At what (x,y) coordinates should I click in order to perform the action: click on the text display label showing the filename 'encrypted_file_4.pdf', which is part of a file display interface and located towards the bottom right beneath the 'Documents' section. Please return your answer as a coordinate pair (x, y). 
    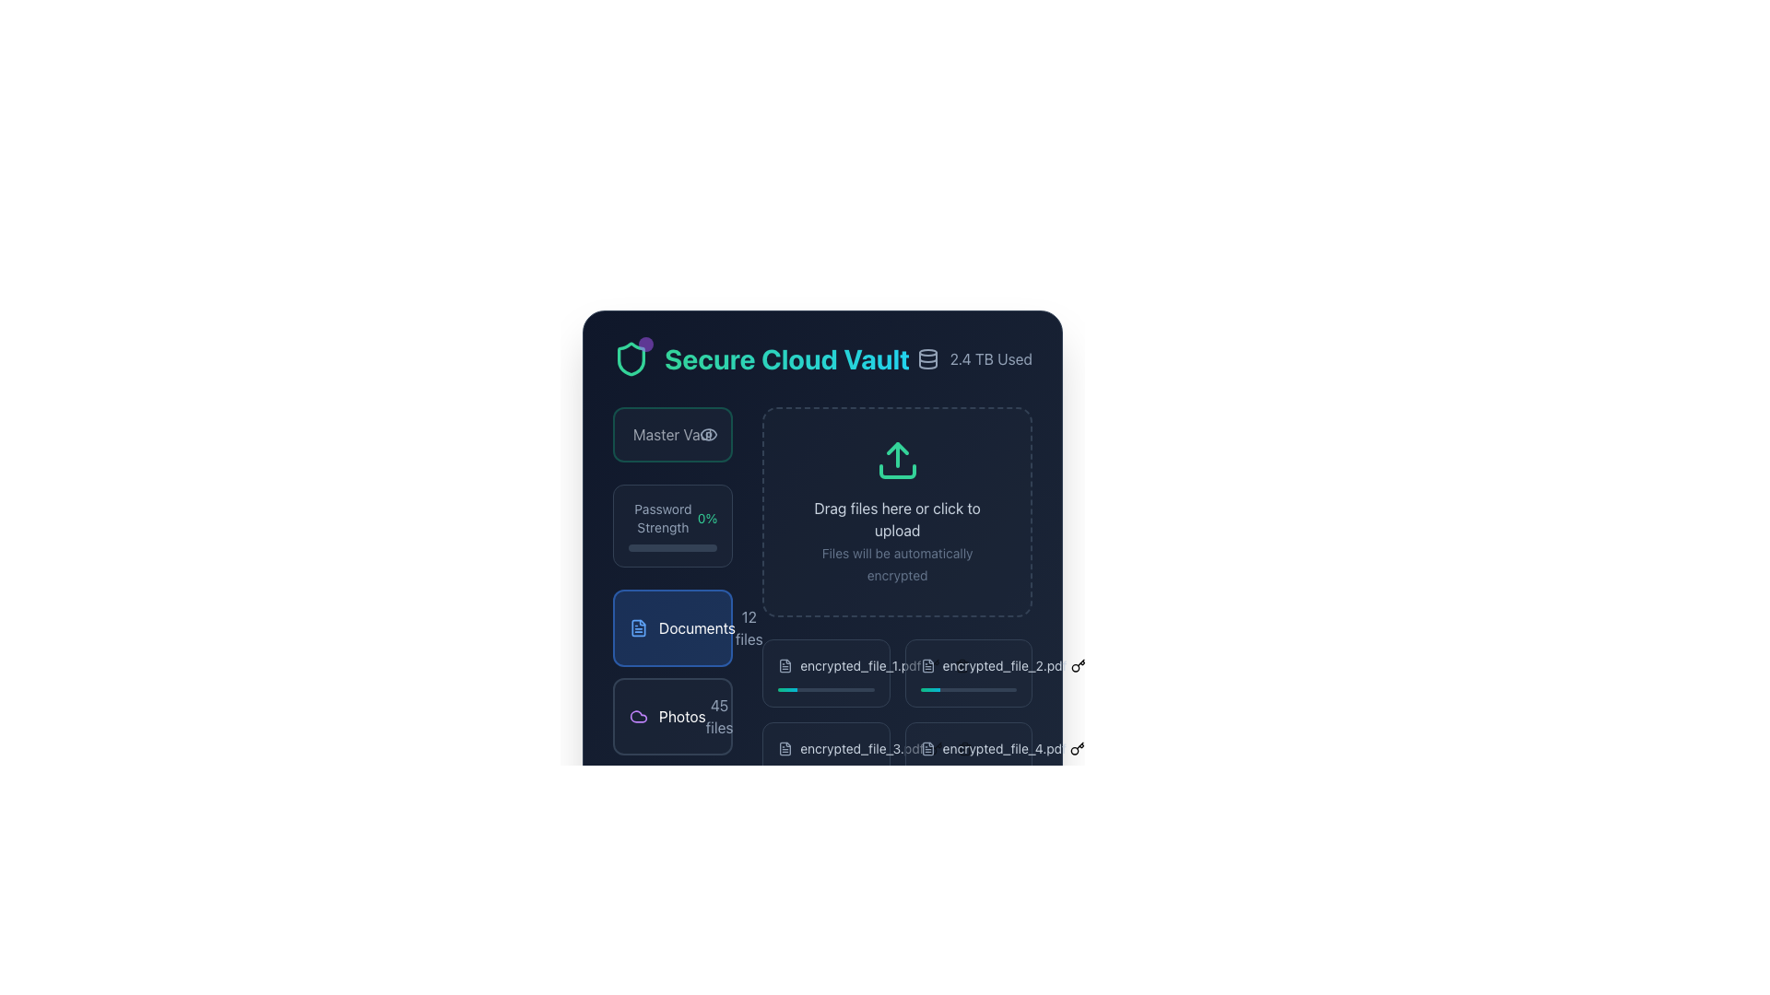
    Looking at the image, I should click on (1003, 749).